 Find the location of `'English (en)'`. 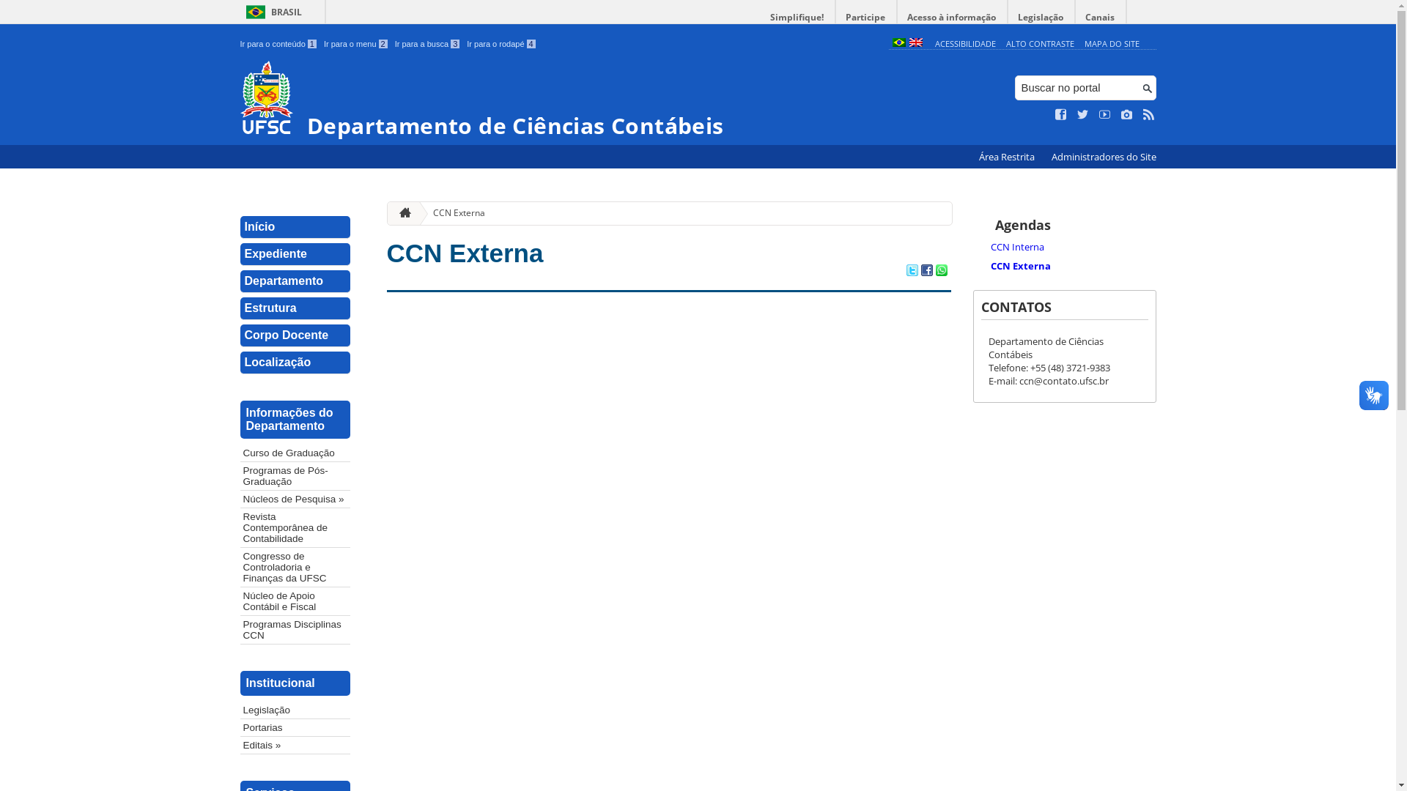

'English (en)' is located at coordinates (914, 42).